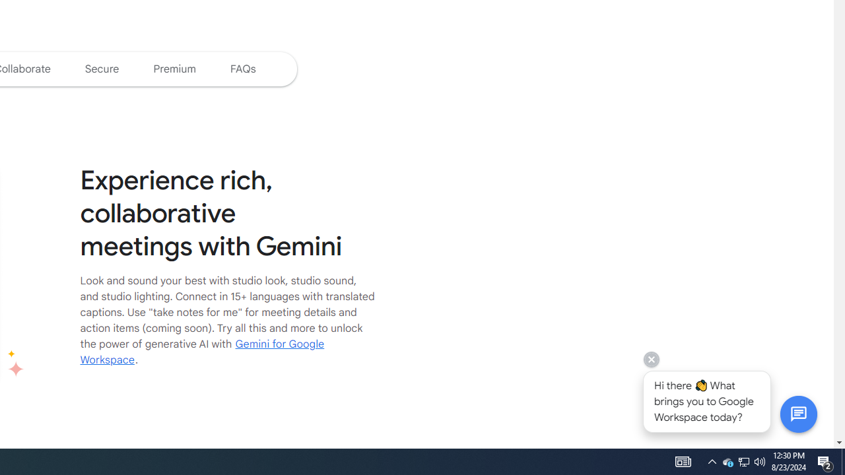 Image resolution: width=845 pixels, height=475 pixels. Describe the element at coordinates (797, 413) in the screenshot. I see `'AutomationID: cloud-chatbot-chat-activate-bar-desktop'` at that location.